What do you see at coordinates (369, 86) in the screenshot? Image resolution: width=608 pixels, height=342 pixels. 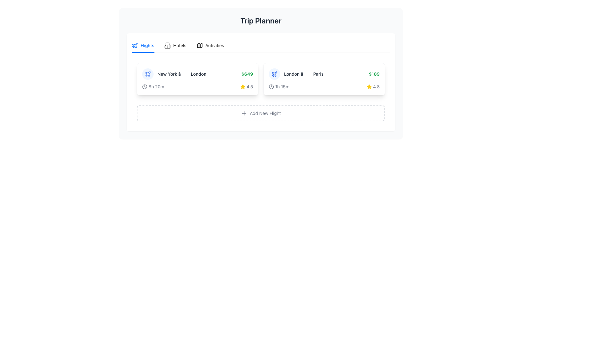 I see `the star-shaped icon filled with yellow color, which visually represents a rating indicator adjacent to the rating text '4.8' for a trip from London to Paris` at bounding box center [369, 86].